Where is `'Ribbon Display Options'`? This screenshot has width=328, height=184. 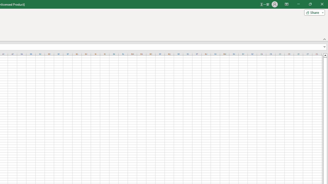
'Ribbon Display Options' is located at coordinates (286, 4).